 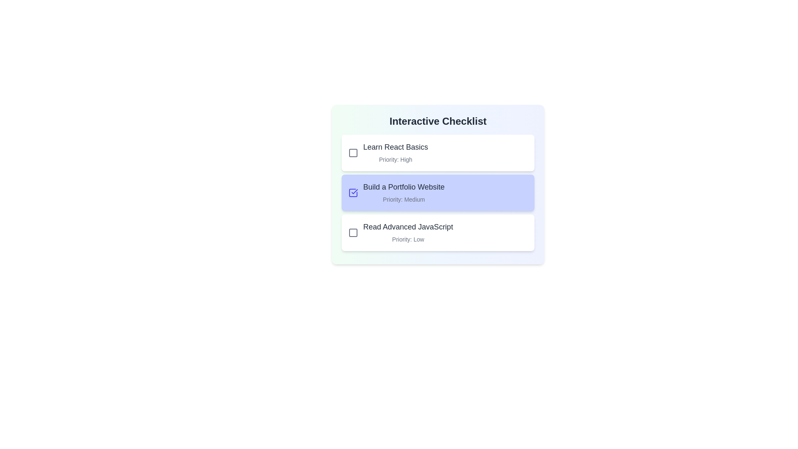 What do you see at coordinates (438, 192) in the screenshot?
I see `the checklist item Build a Portfolio Website to observe its hover effect` at bounding box center [438, 192].